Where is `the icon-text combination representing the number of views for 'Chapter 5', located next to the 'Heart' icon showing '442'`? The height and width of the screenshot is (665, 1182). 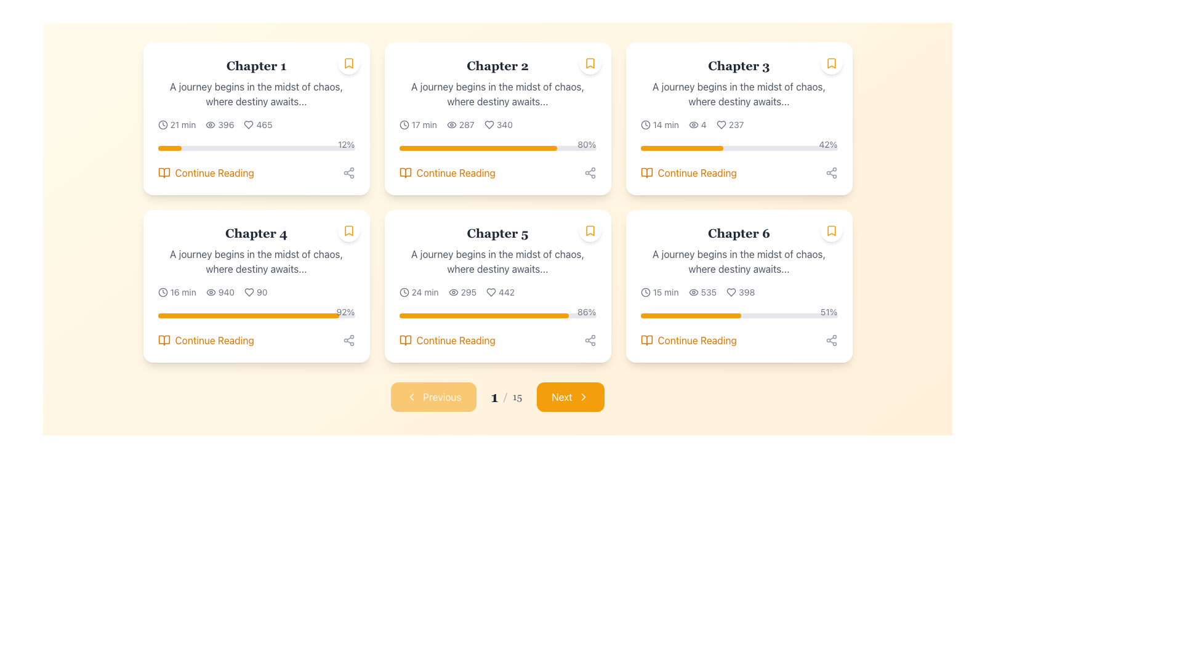 the icon-text combination representing the number of views for 'Chapter 5', located next to the 'Heart' icon showing '442' is located at coordinates (462, 292).